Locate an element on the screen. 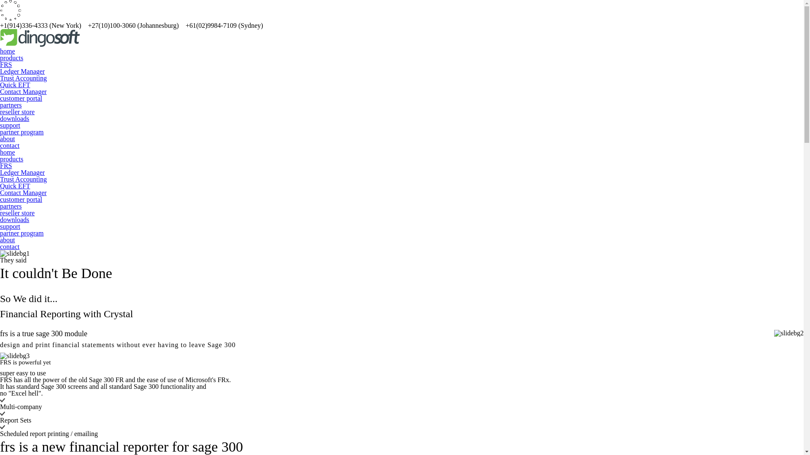  'Ledger Manager' is located at coordinates (0, 172).